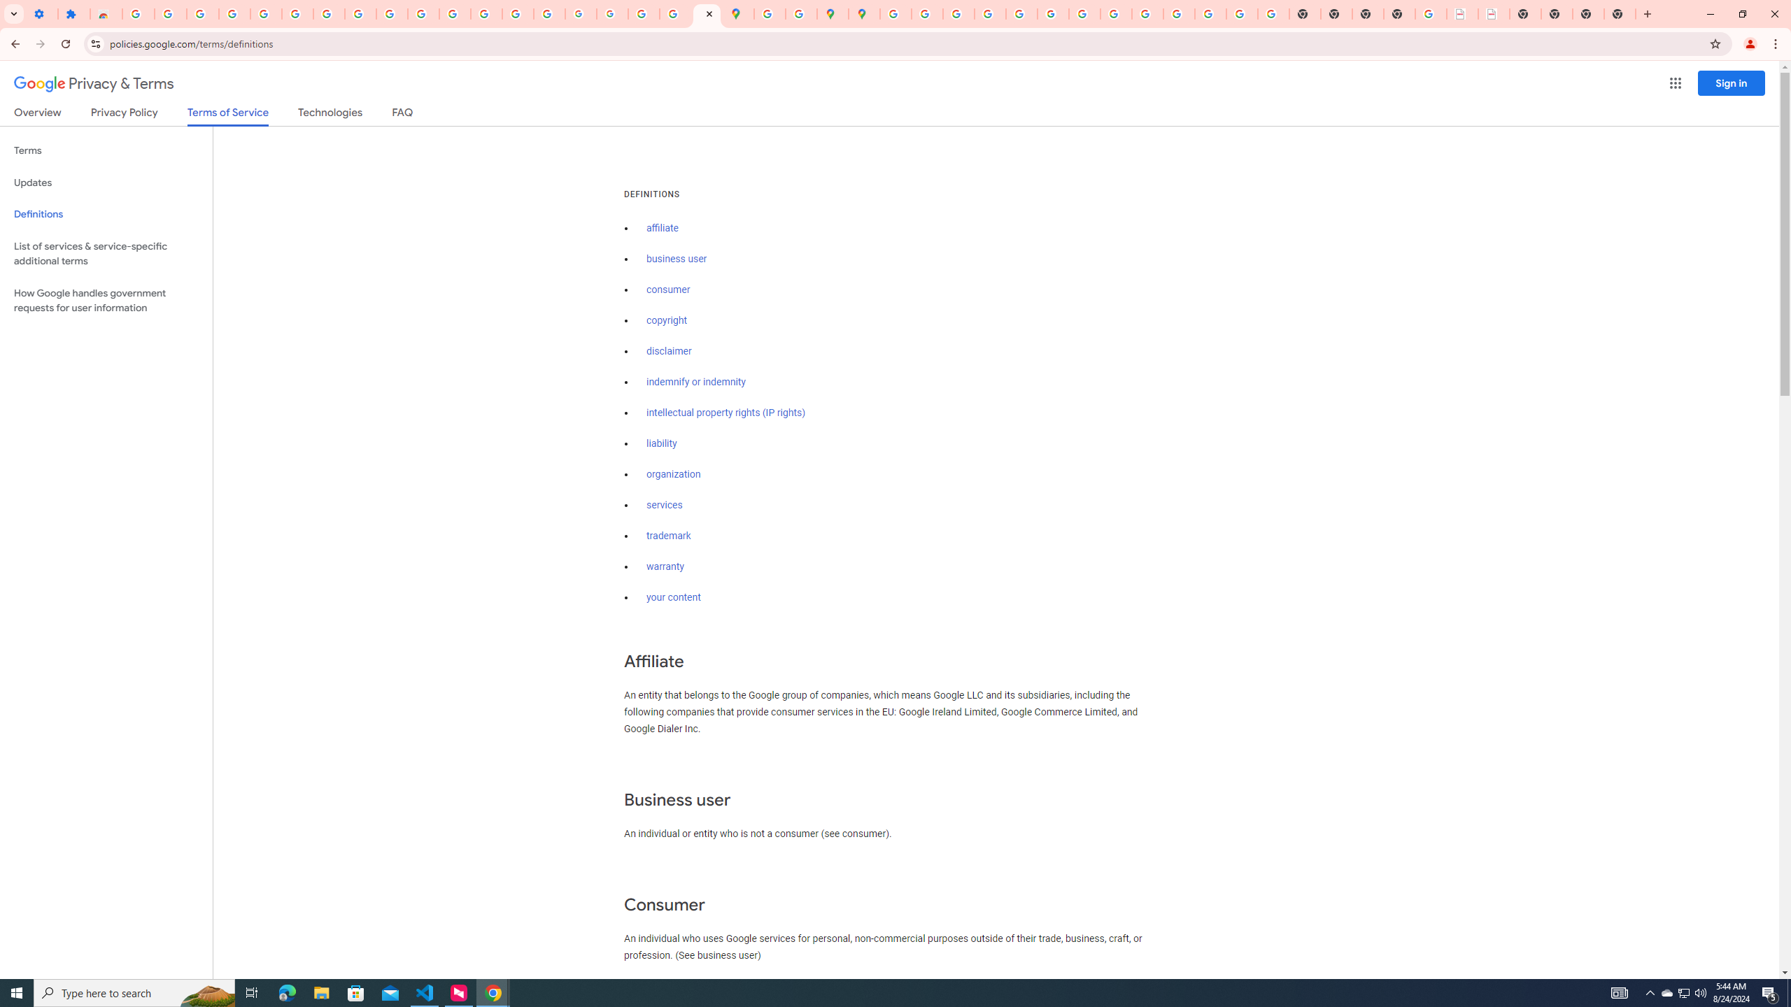  Describe the element at coordinates (738, 13) in the screenshot. I see `'Google Maps'` at that location.